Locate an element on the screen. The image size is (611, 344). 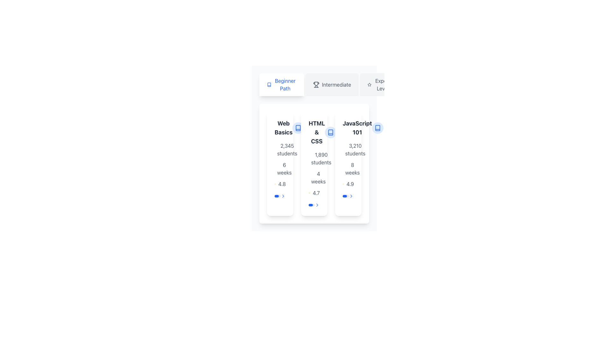
the 'Intermediate' icon located in the navigation bar, positioned as the leftmost component of the tab labeled 'Intermediate' is located at coordinates (316, 84).